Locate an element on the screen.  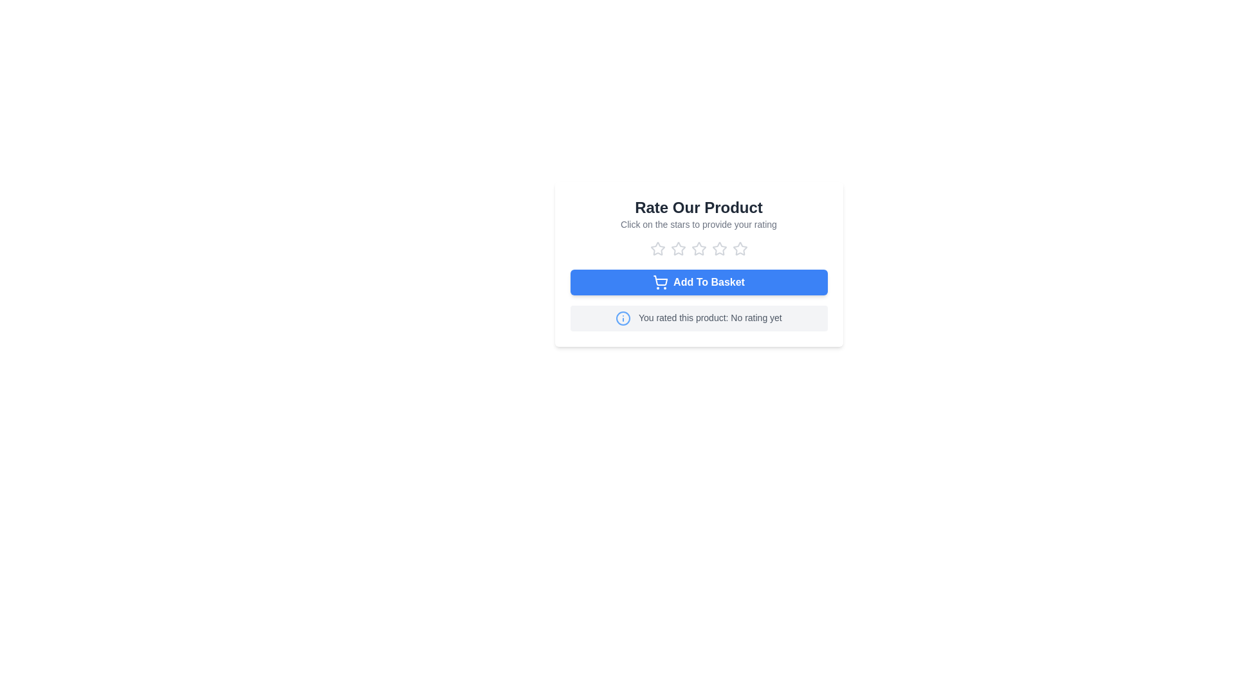
the second star icon in the rating system below the text 'Click on the stars to provide your rating' is located at coordinates (677, 248).